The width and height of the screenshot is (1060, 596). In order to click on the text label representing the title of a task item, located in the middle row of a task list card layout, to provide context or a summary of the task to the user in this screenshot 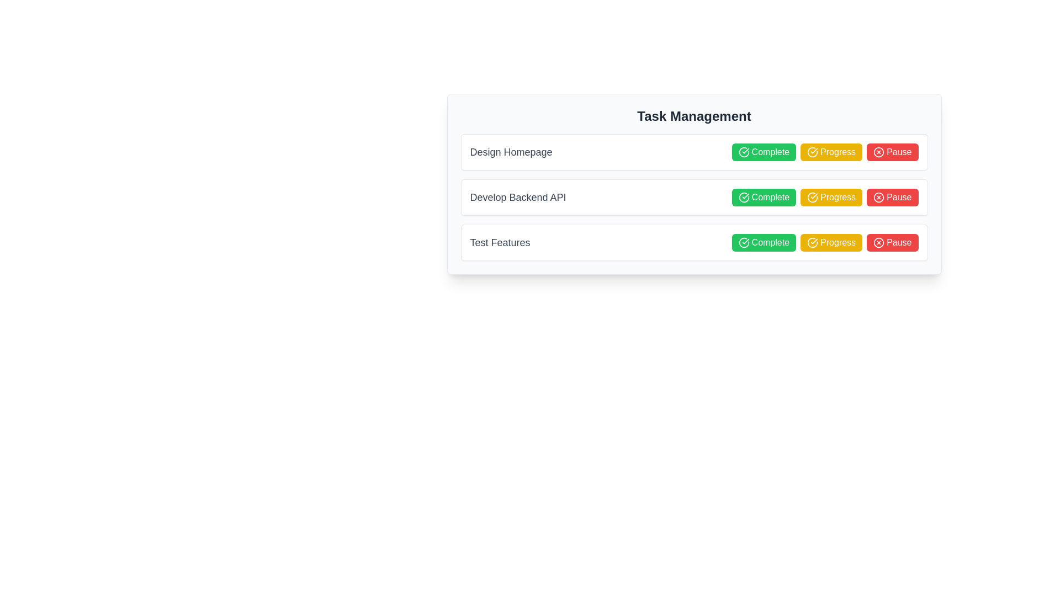, I will do `click(517, 197)`.